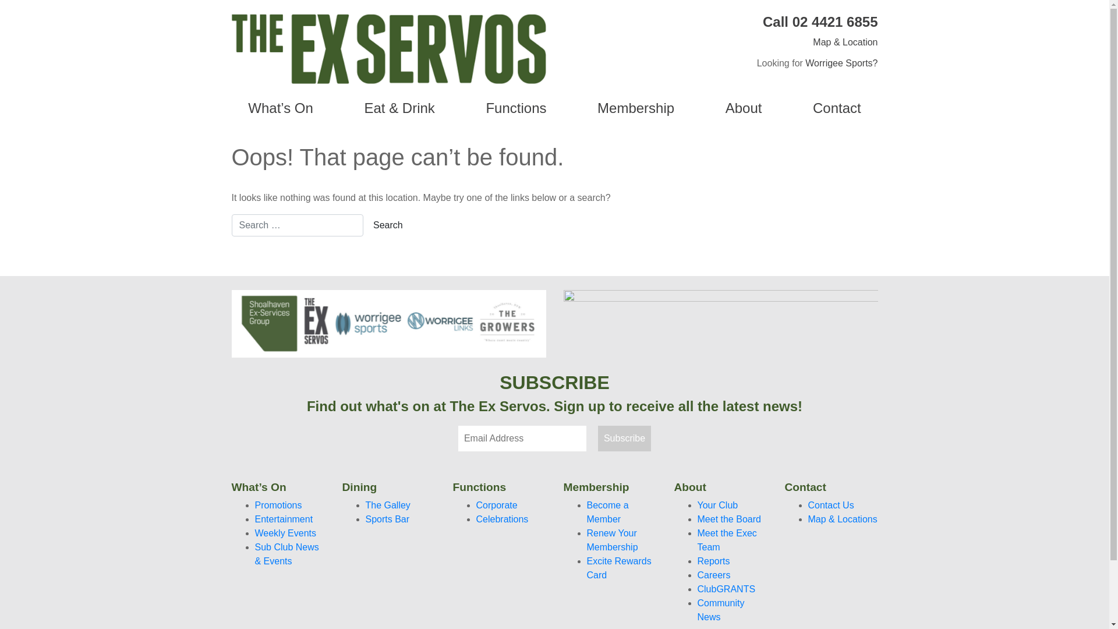  I want to click on 'Become a Member', so click(607, 511).